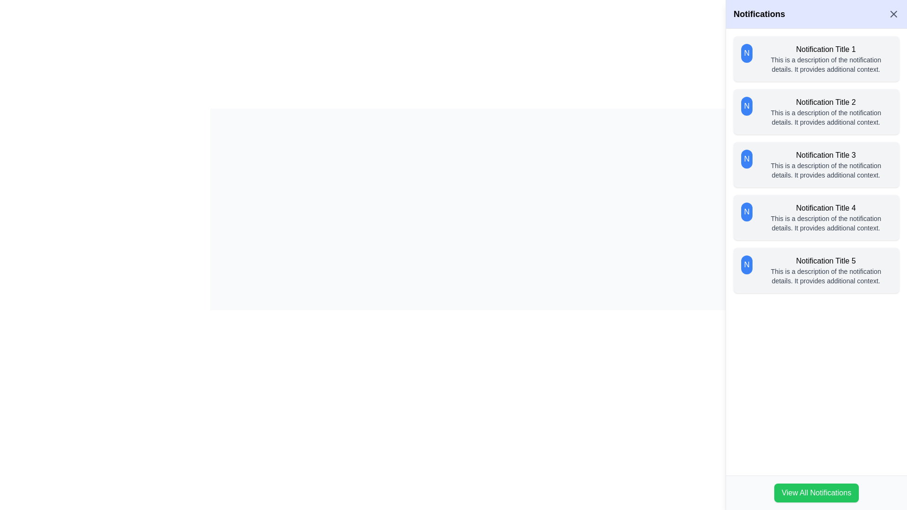 Image resolution: width=907 pixels, height=510 pixels. What do you see at coordinates (893, 14) in the screenshot?
I see `the small 'X' button with a thin black outline located at the top-right corner of the light blue header section in the notification panel to change its color` at bounding box center [893, 14].